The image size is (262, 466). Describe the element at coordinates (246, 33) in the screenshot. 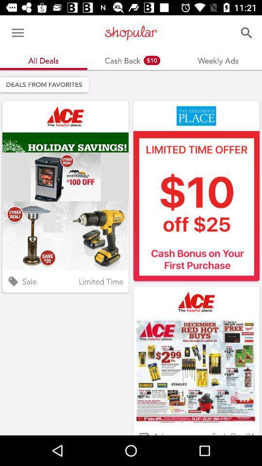

I see `icon above the weekly ads icon` at that location.